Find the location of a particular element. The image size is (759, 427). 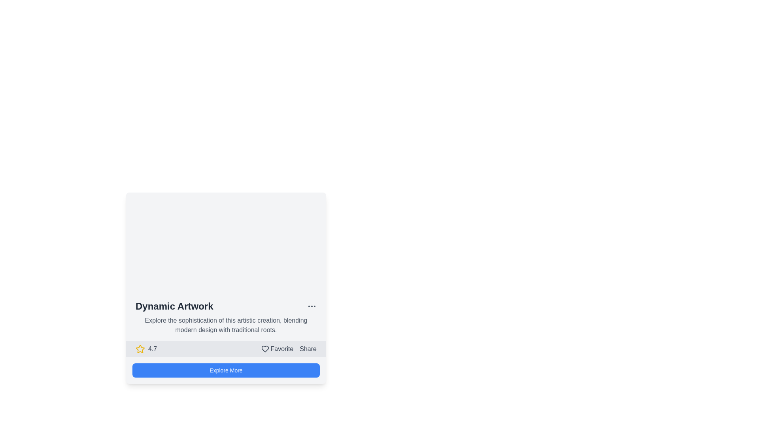

the 'Dynamic Artwork' text label, which is prominently displayed in large, bold gray font at the top-center of a card-like section is located at coordinates (174, 306).